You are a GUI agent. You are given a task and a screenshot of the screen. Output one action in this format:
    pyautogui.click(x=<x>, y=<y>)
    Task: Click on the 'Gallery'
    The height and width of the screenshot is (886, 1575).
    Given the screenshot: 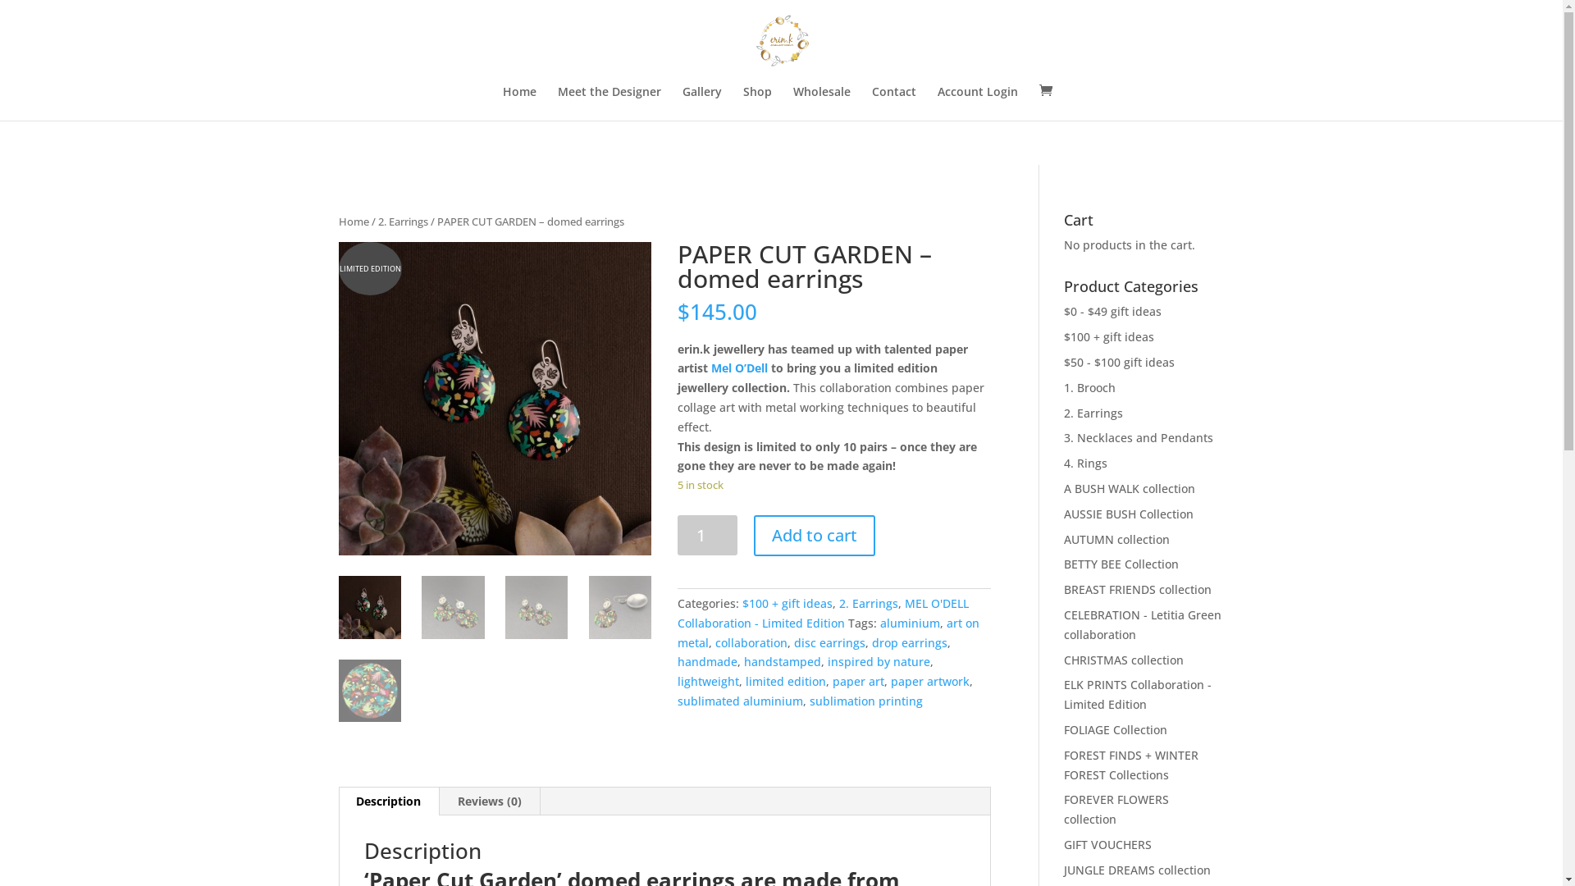 What is the action you would take?
    pyautogui.click(x=701, y=103)
    